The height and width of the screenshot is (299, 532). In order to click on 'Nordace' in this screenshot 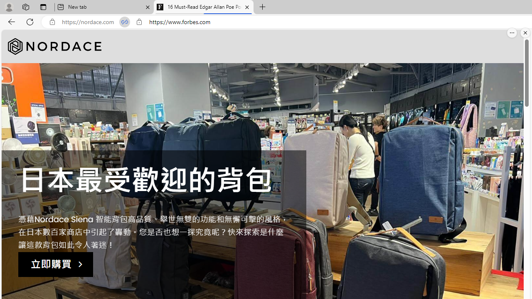, I will do `click(54, 46)`.